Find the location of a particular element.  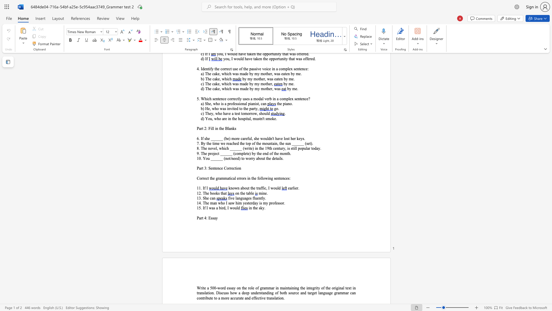

the subset text "nguages fl" within the text "five languages fluently." is located at coordinates (238, 198).